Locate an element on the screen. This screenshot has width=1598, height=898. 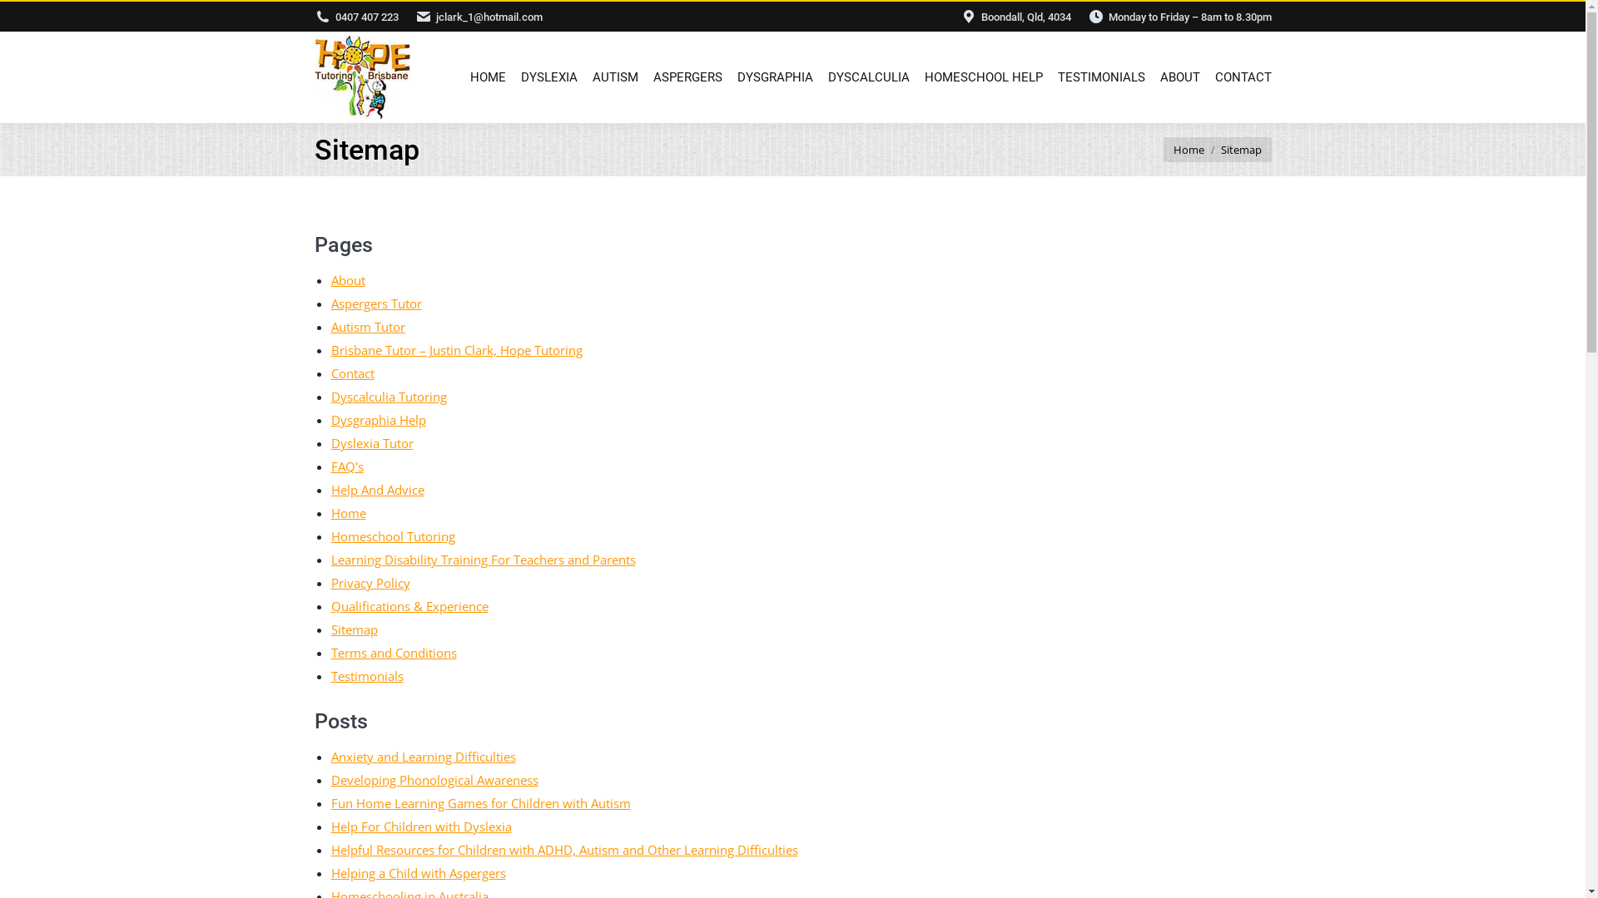
'Aspergers Tutor' is located at coordinates (375, 303).